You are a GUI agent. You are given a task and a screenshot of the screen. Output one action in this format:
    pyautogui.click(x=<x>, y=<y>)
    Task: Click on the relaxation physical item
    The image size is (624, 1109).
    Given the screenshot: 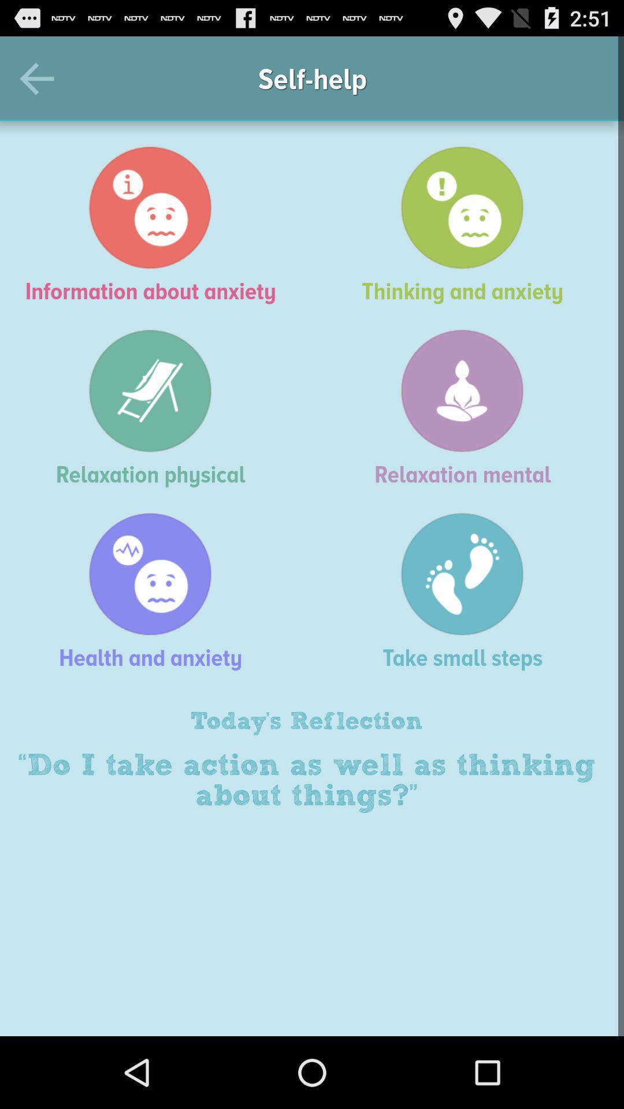 What is the action you would take?
    pyautogui.click(x=156, y=408)
    